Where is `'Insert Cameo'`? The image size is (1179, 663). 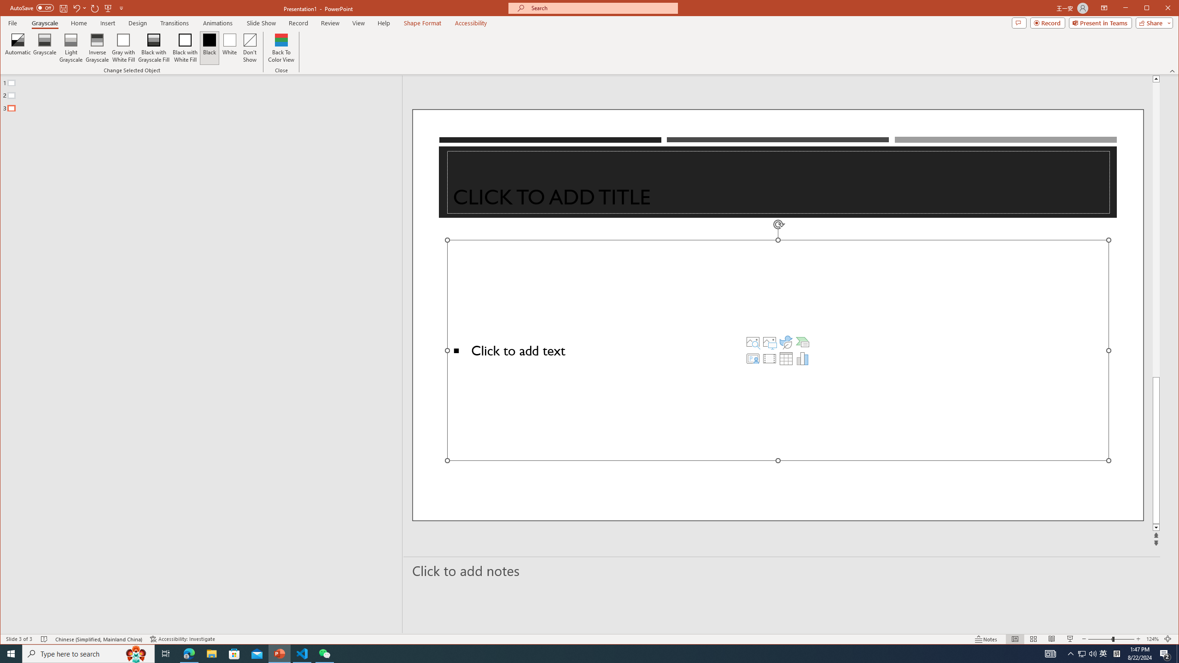 'Insert Cameo' is located at coordinates (753, 358).